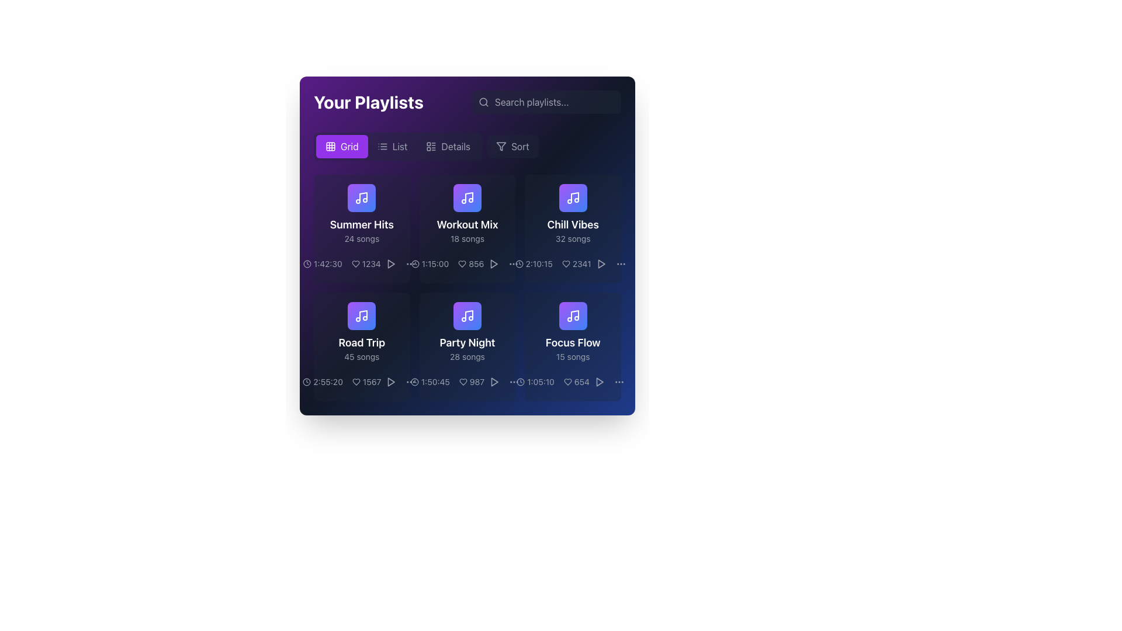 Image resolution: width=1122 pixels, height=631 pixels. Describe the element at coordinates (330, 145) in the screenshot. I see `the 'Grid' layout toggle icon located in the top-left corner of the playlist interface, which is a rounded rectangular shape within a grid icon` at that location.